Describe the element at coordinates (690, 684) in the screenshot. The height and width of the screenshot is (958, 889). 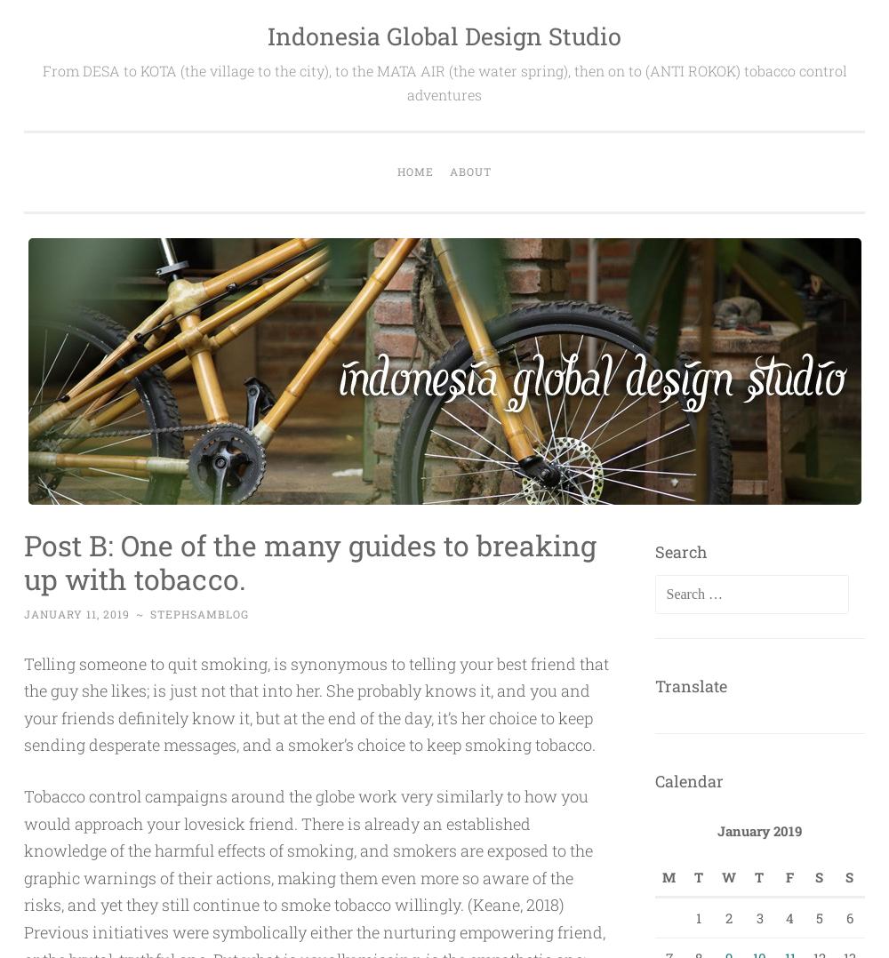
I see `'Translate'` at that location.